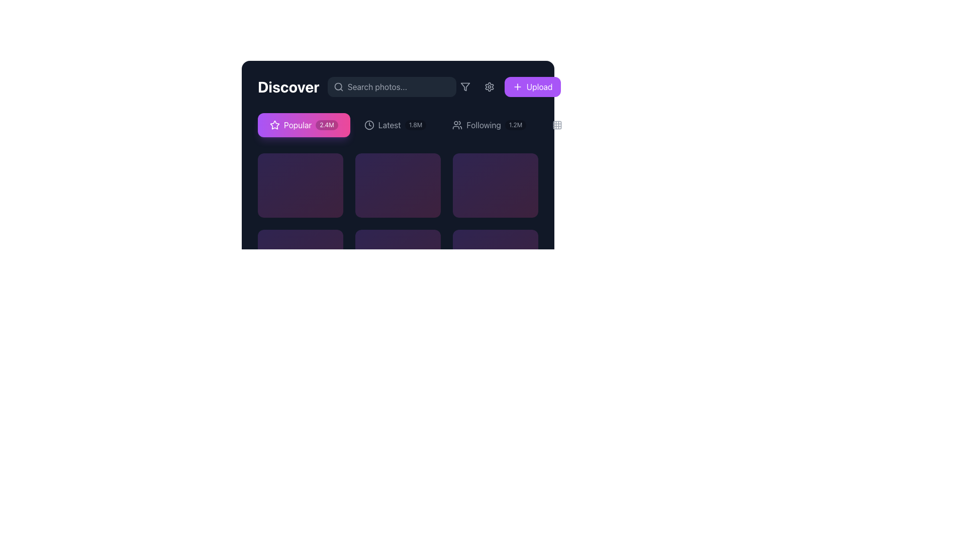 The image size is (965, 543). I want to click on the search input bar styled with a dark background and placeholder text 'Search photos...', so click(391, 86).